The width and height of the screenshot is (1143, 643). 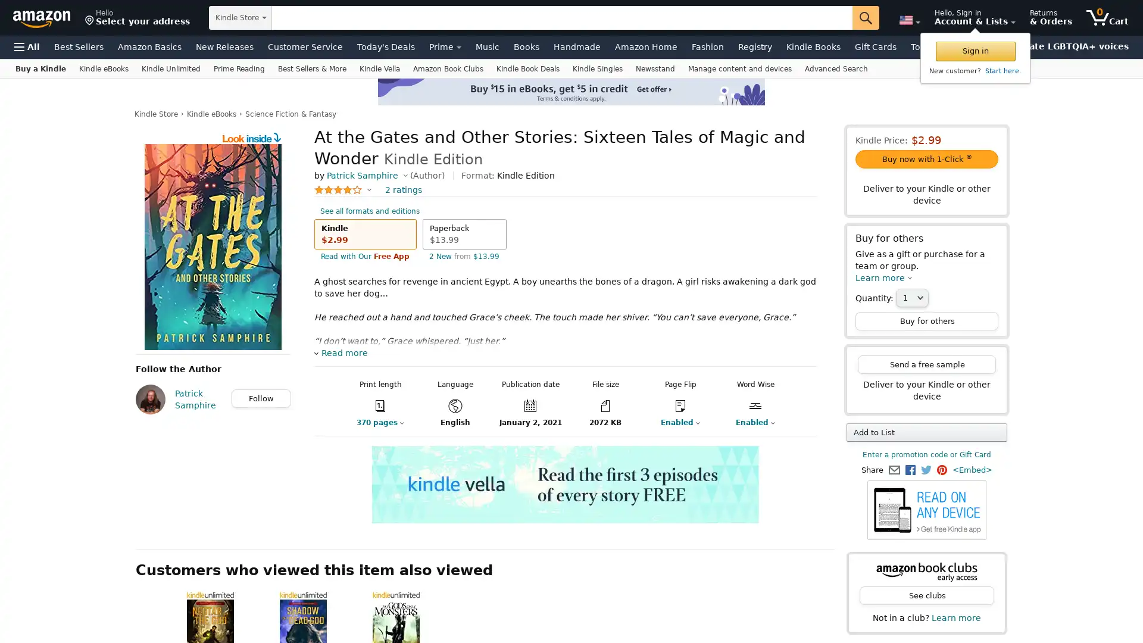 What do you see at coordinates (926, 320) in the screenshot?
I see `Buy for others` at bounding box center [926, 320].